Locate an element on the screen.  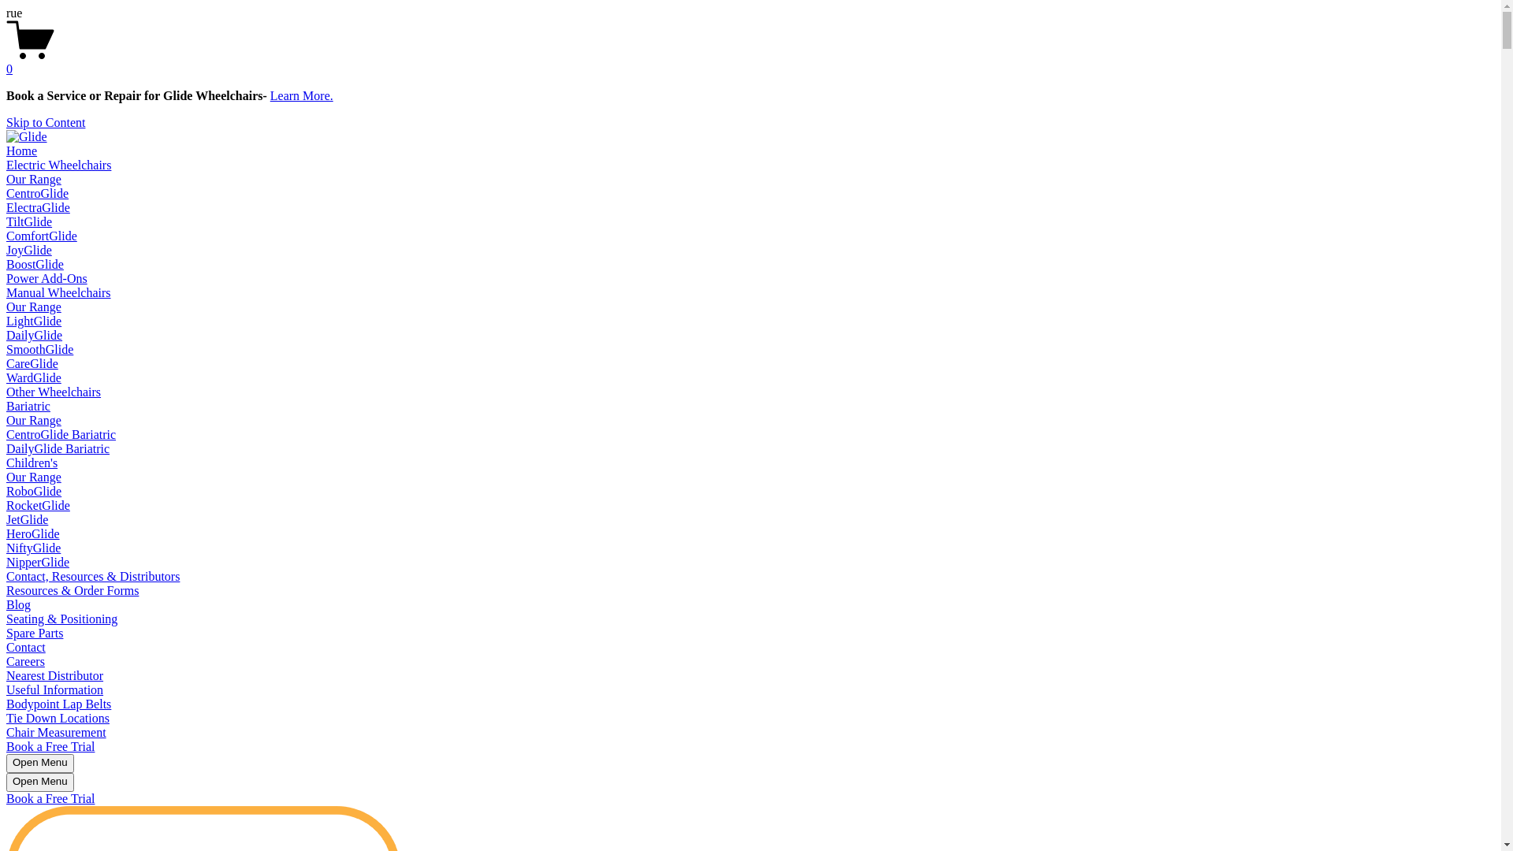
'0' is located at coordinates (749, 61).